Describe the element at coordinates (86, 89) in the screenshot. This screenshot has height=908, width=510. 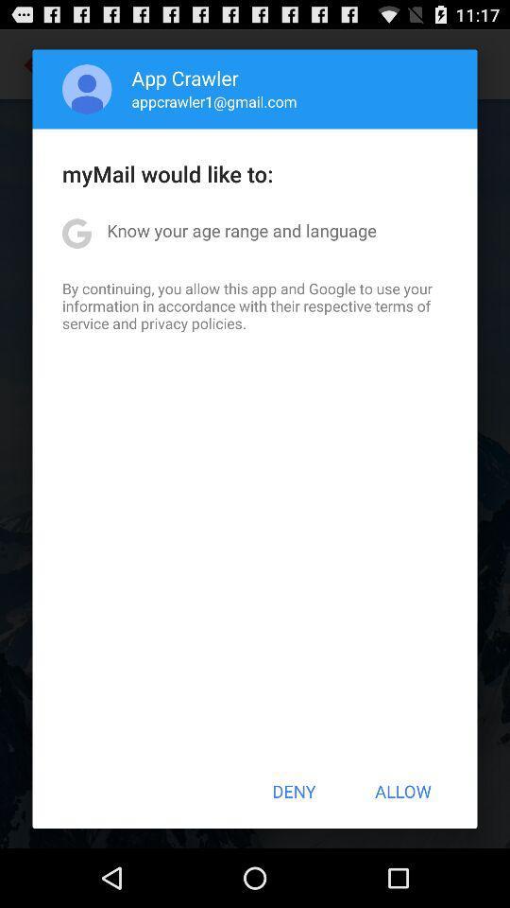
I see `the app to the left of app crawler icon` at that location.